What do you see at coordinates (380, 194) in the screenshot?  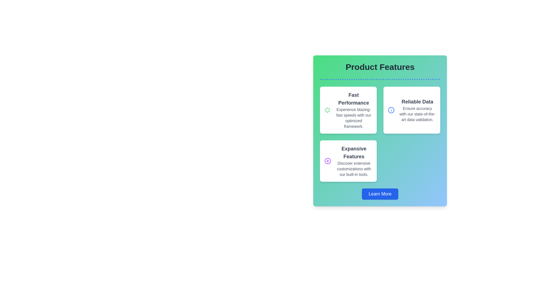 I see `the 'Learn More' button, which is a rounded rectangular button with a blue background and white text, located at the bottom center of a card component with a gradient background` at bounding box center [380, 194].